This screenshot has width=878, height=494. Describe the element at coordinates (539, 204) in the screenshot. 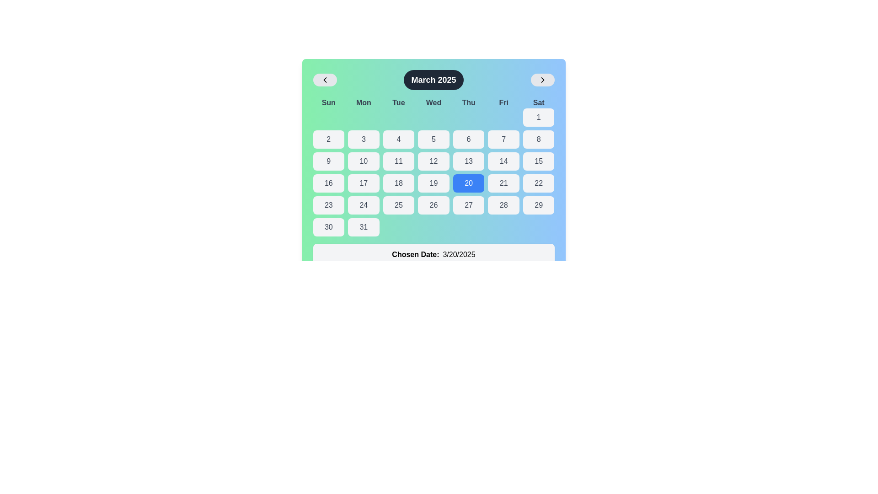

I see `the calendar cell displaying the number '29', which is a square button with rounded corners and a light gray background, located in the bottom-right corner of the grid layout corresponding to Saturdays` at that location.